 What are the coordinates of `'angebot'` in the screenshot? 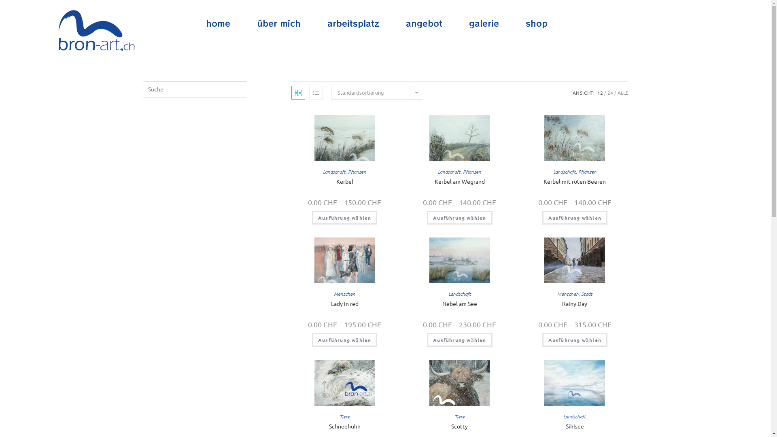 It's located at (423, 23).